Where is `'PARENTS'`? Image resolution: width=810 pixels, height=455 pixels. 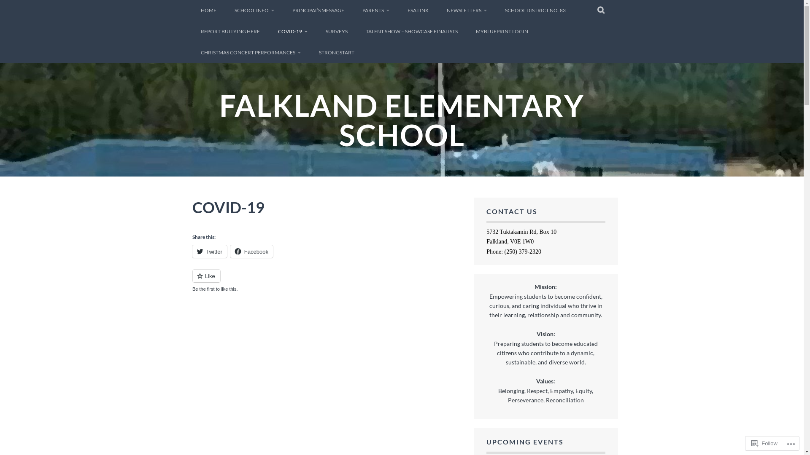 'PARENTS' is located at coordinates (354, 10).